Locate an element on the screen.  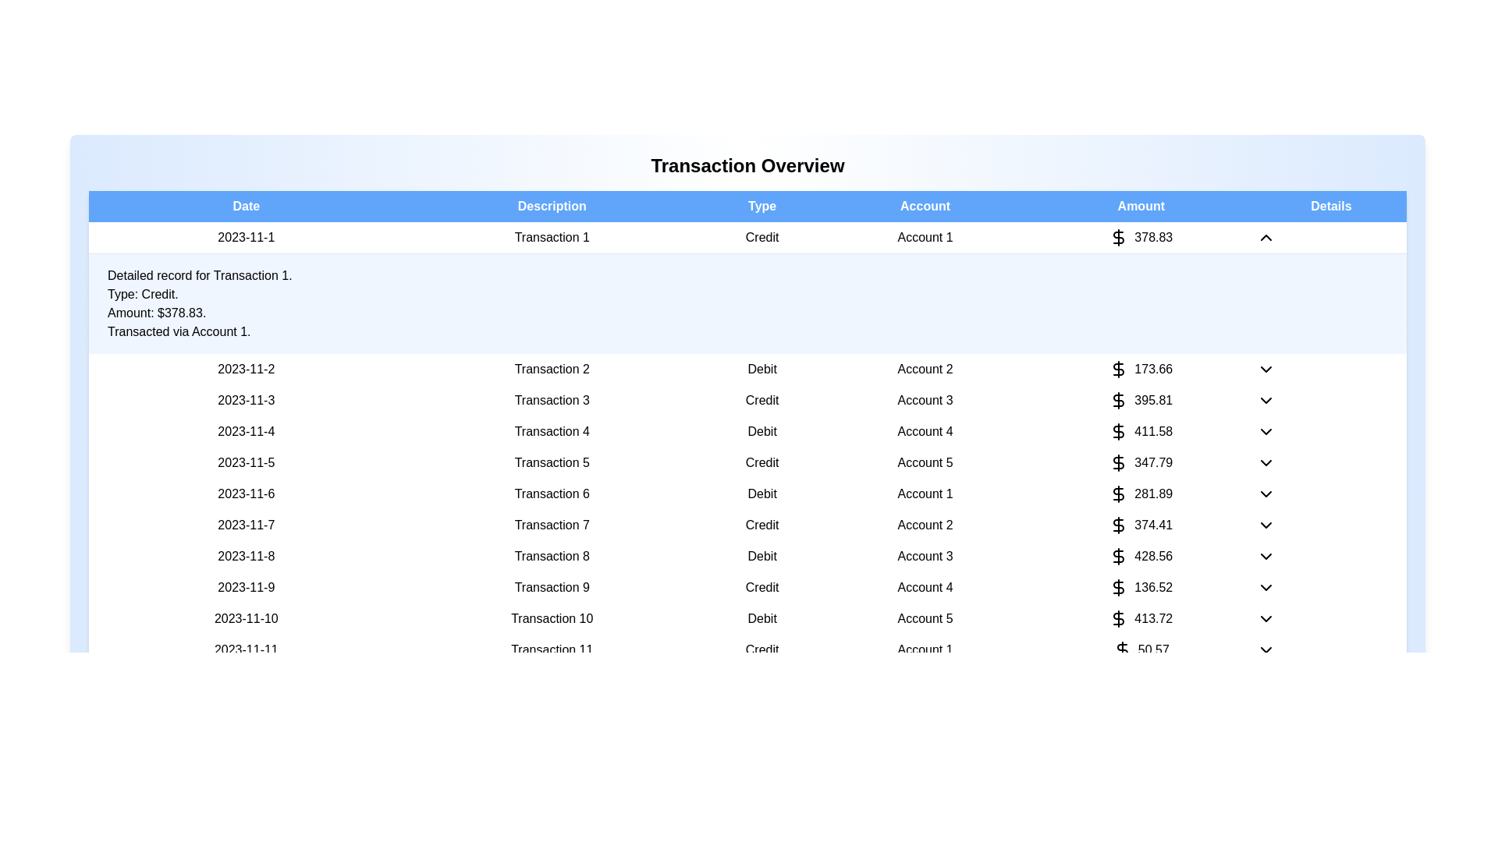
the column header Description to sort or filter the transactions is located at coordinates (552, 206).